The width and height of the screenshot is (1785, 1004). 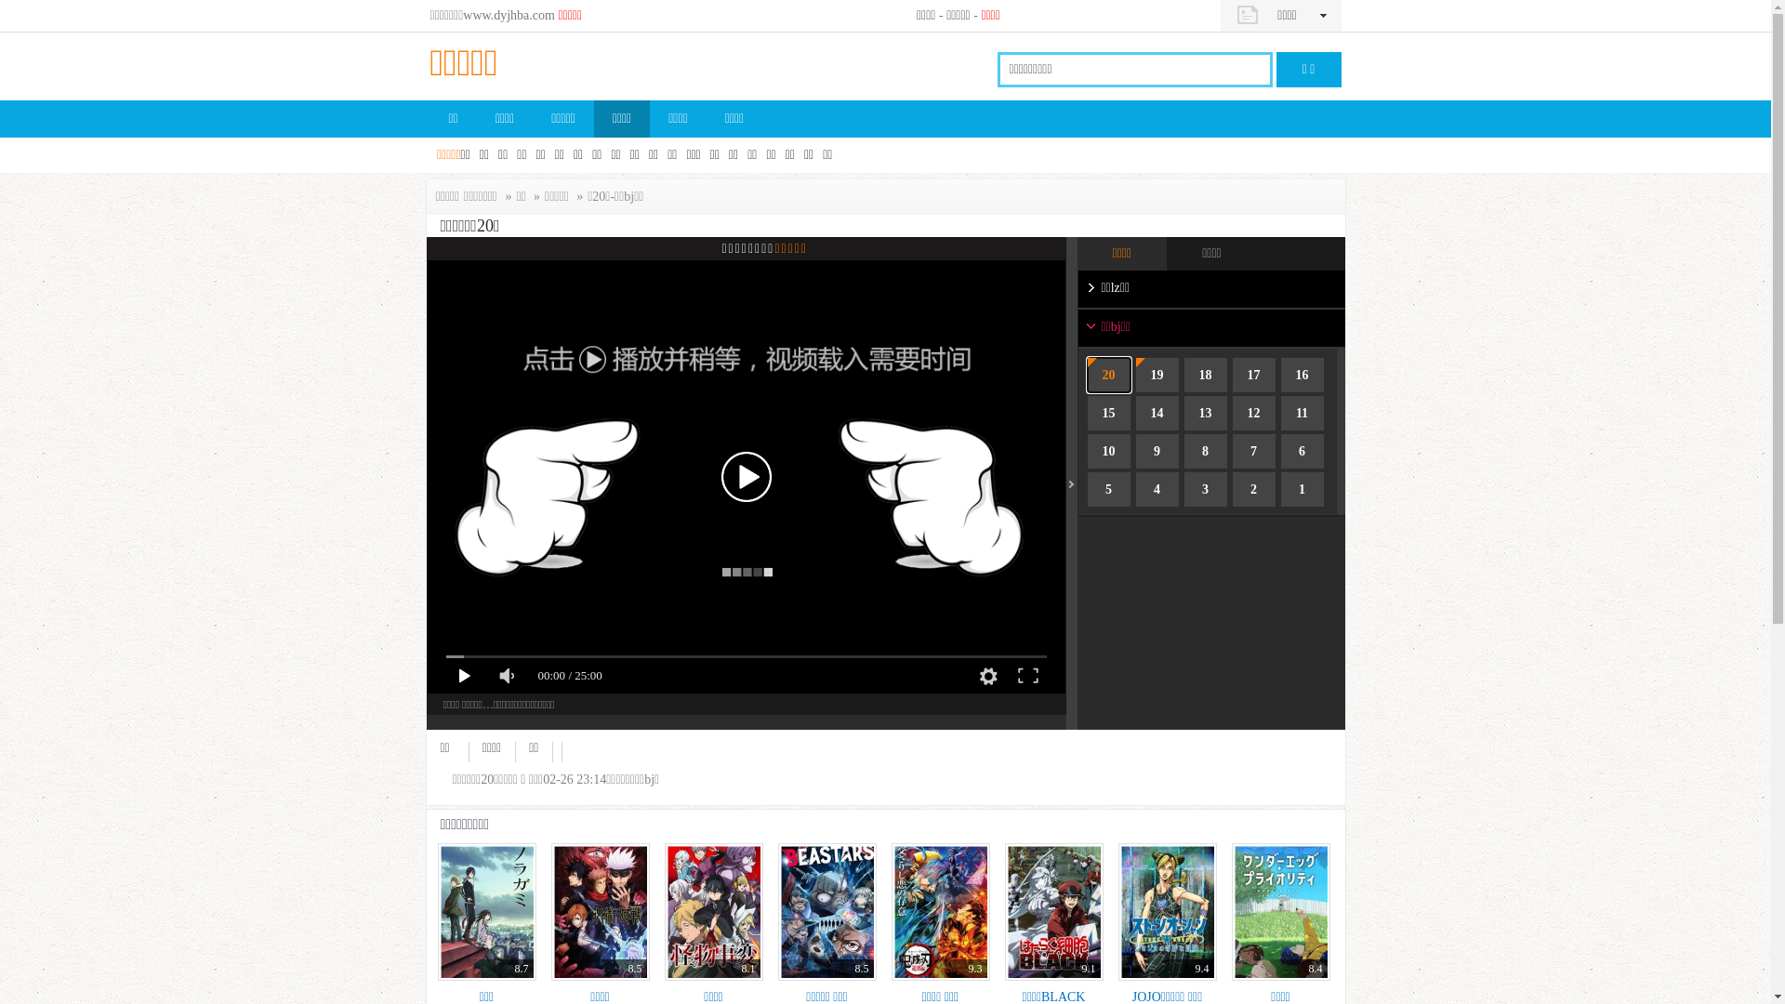 What do you see at coordinates (1302, 375) in the screenshot?
I see `'16'` at bounding box center [1302, 375].